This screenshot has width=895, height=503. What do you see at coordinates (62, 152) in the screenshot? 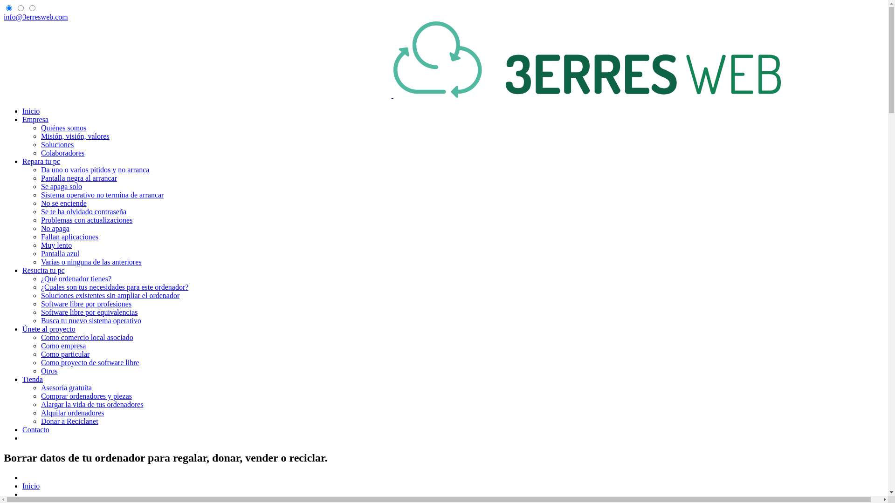
I see `'Colaboradores'` at bounding box center [62, 152].